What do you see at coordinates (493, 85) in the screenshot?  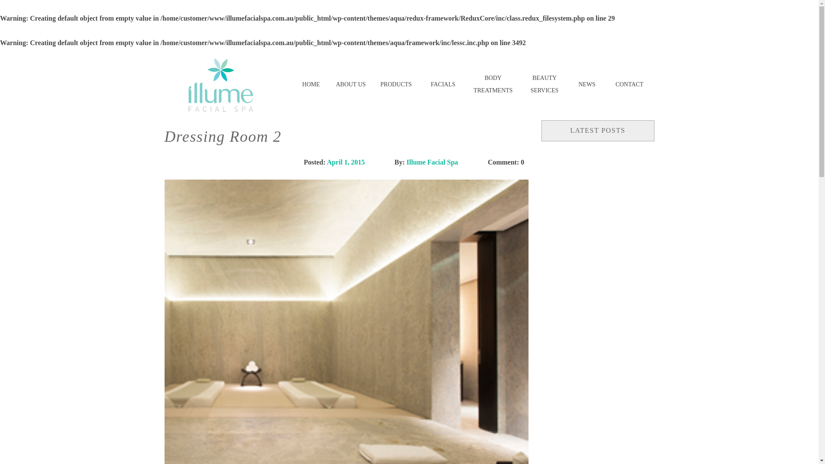 I see `'BODY TREATMENTS'` at bounding box center [493, 85].